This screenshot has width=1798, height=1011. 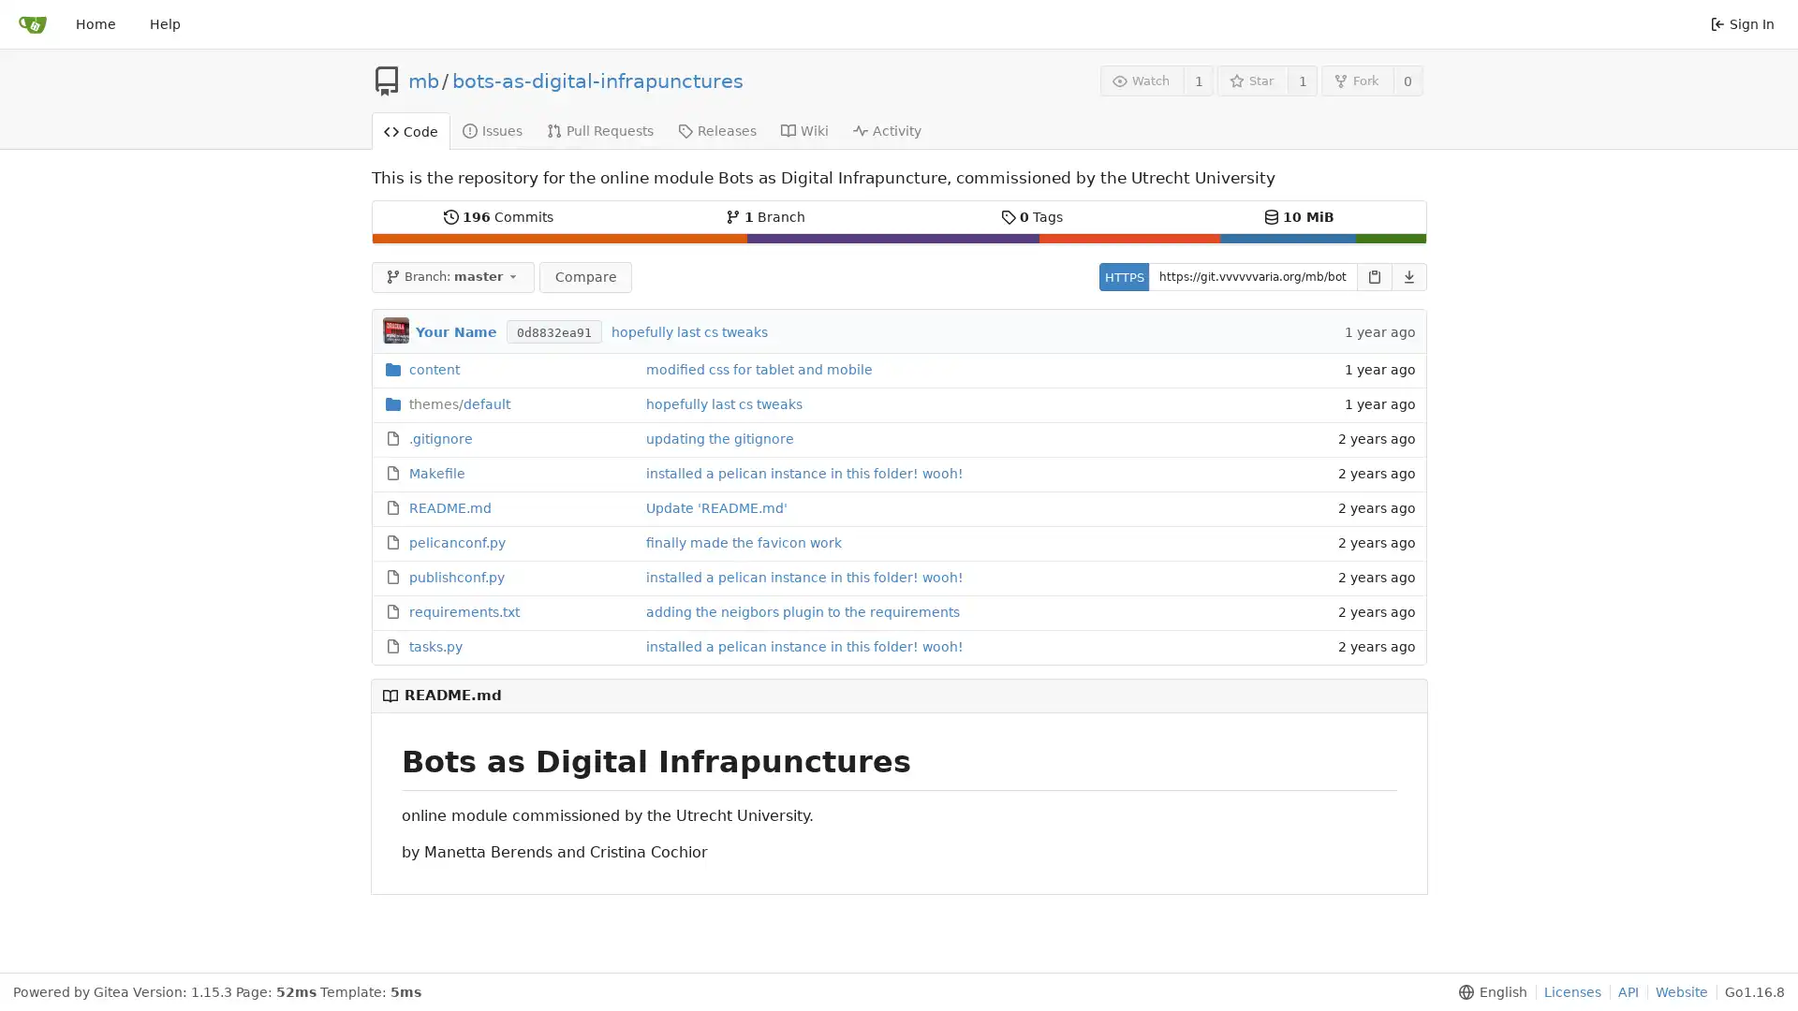 What do you see at coordinates (1123, 277) in the screenshot?
I see `HTTPS` at bounding box center [1123, 277].